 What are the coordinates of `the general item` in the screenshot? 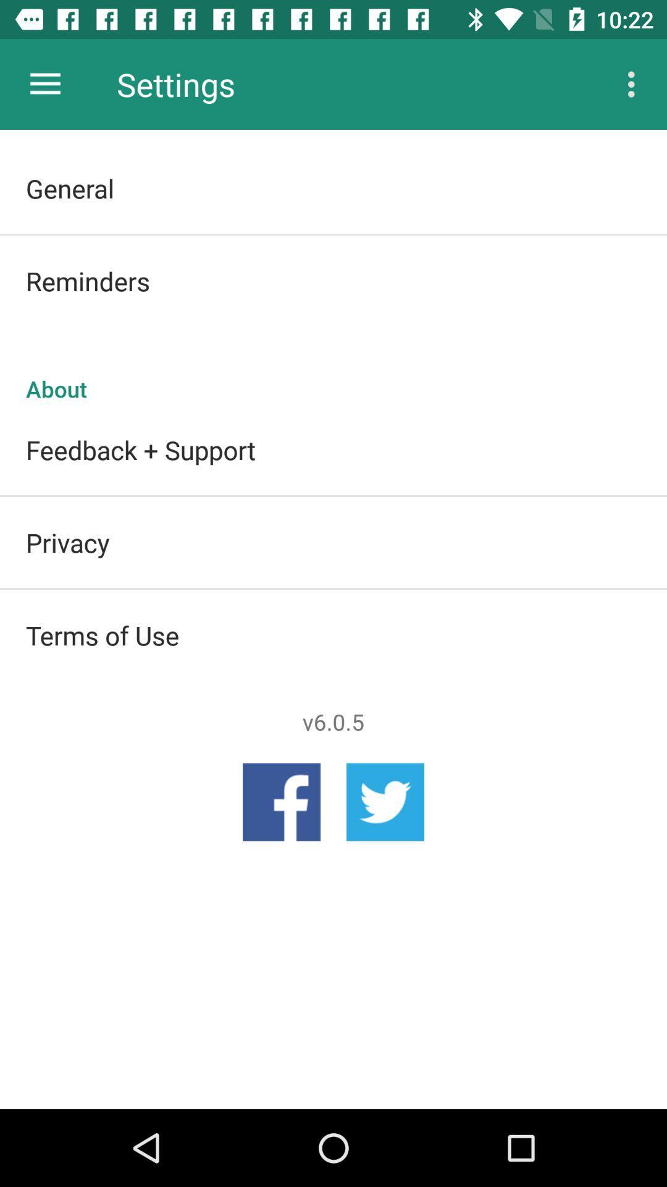 It's located at (333, 187).